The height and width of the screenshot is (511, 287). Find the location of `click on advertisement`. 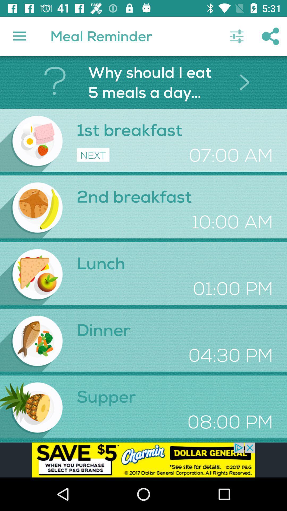

click on advertisement is located at coordinates (143, 460).